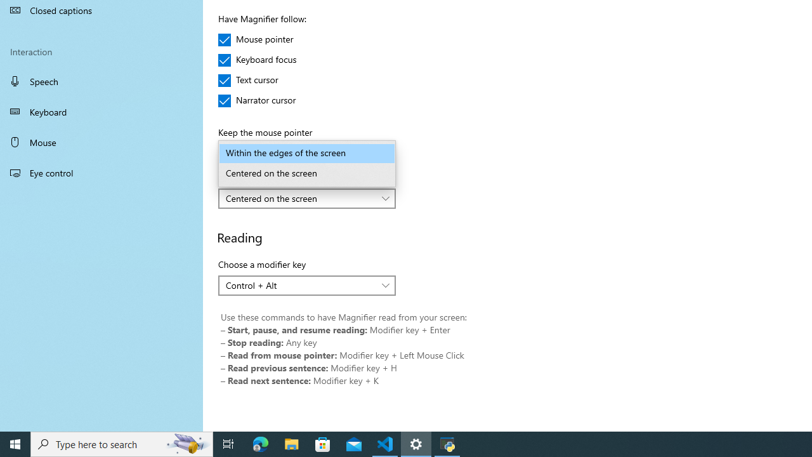  Describe the element at coordinates (257, 60) in the screenshot. I see `'Keyboard focus'` at that location.